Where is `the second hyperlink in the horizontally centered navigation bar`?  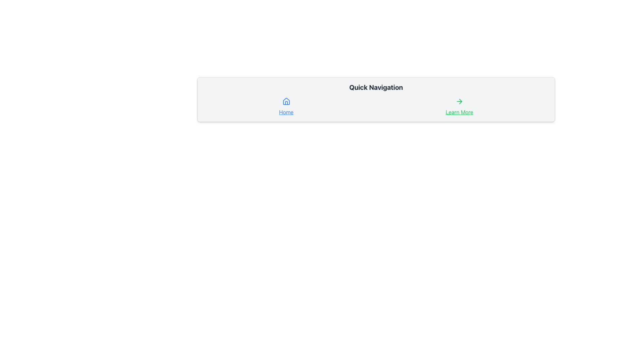
the second hyperlink in the horizontally centered navigation bar is located at coordinates (459, 107).